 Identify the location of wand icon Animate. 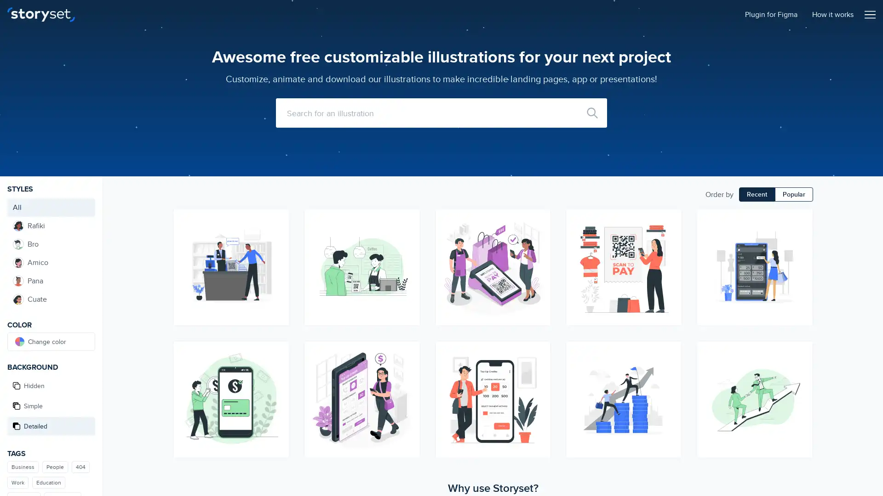
(671, 351).